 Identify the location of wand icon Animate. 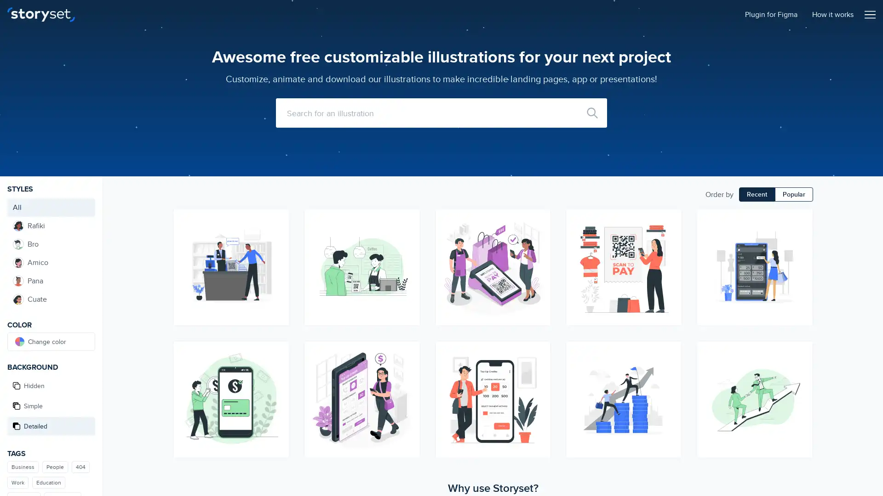
(671, 351).